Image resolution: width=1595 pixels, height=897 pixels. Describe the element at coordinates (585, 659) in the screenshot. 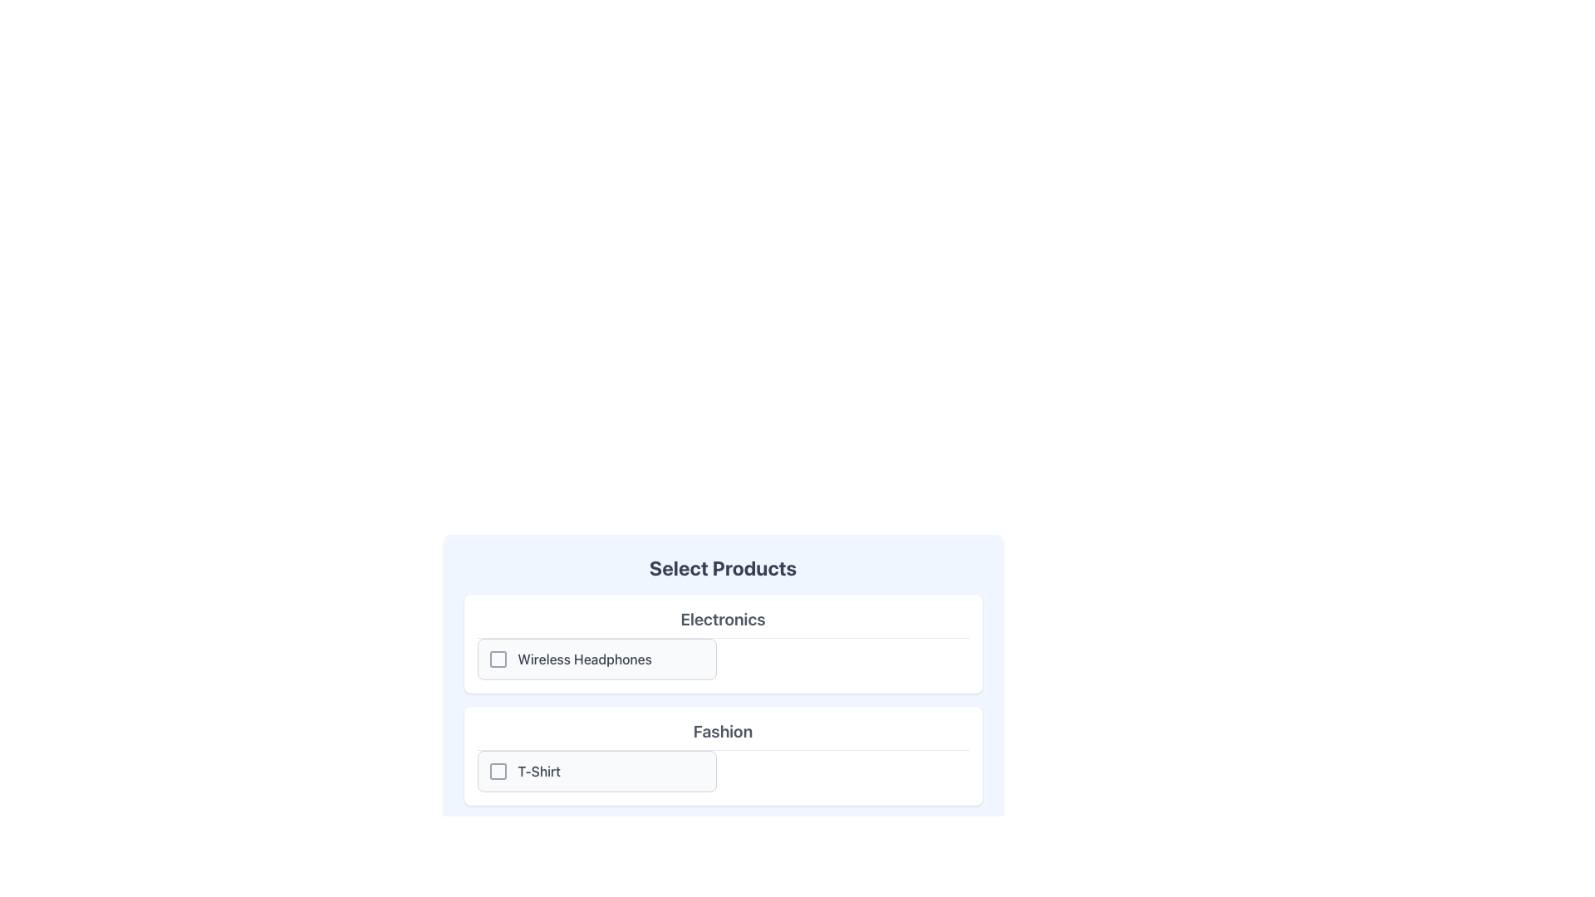

I see `the label 'Wireless Headphones' which serves as the product option in the 'Electronics' category` at that location.